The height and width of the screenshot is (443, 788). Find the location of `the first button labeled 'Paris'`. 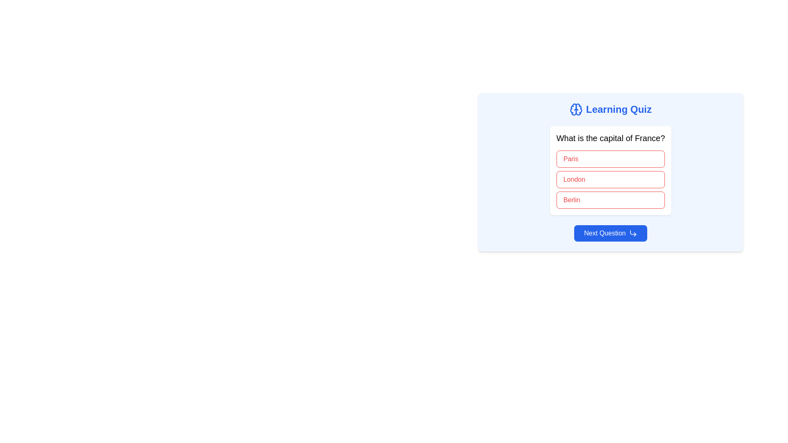

the first button labeled 'Paris' is located at coordinates (611, 159).